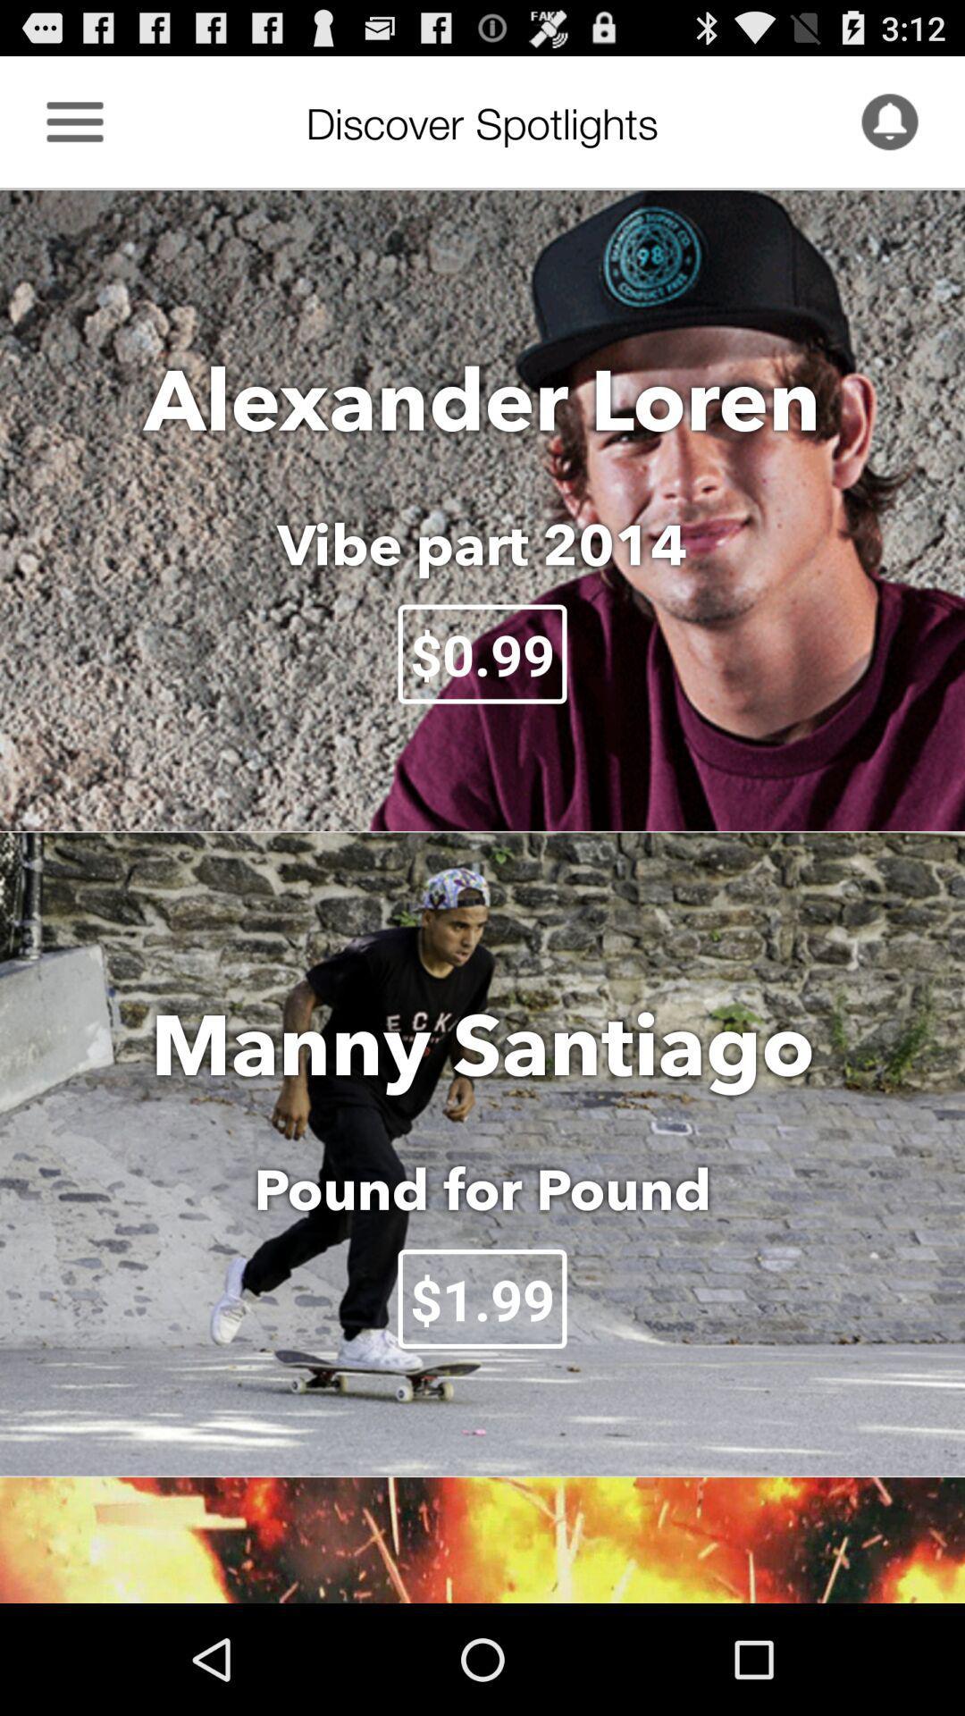 Image resolution: width=965 pixels, height=1716 pixels. What do you see at coordinates (889, 121) in the screenshot?
I see `icon to the right of discover spotlights item` at bounding box center [889, 121].